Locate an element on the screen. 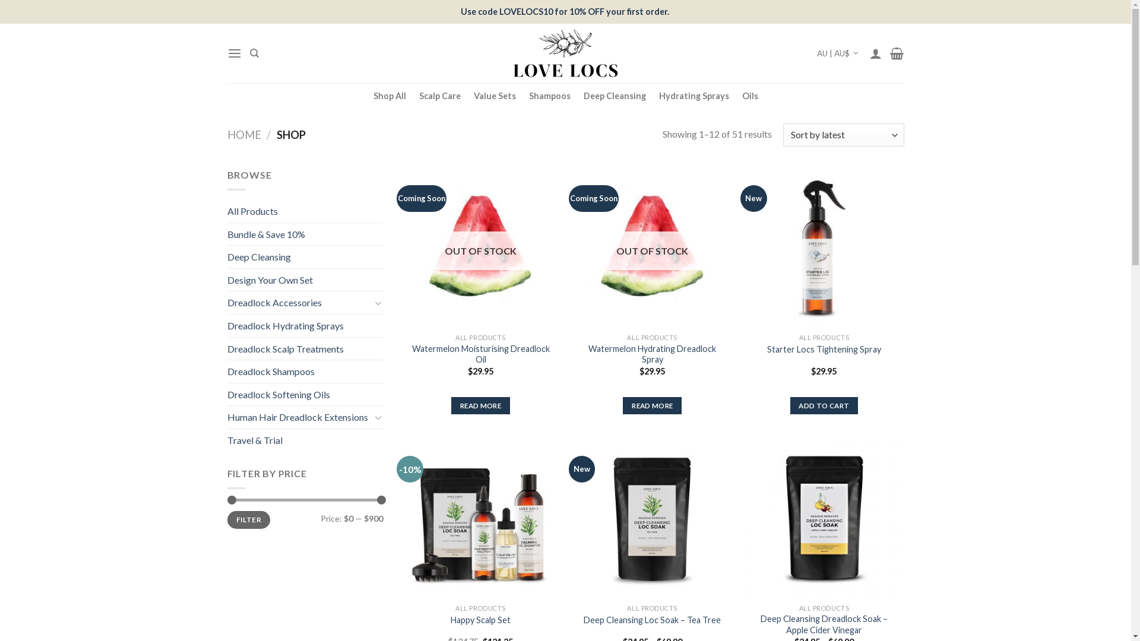  'Travel & Trial' is located at coordinates (305, 440).